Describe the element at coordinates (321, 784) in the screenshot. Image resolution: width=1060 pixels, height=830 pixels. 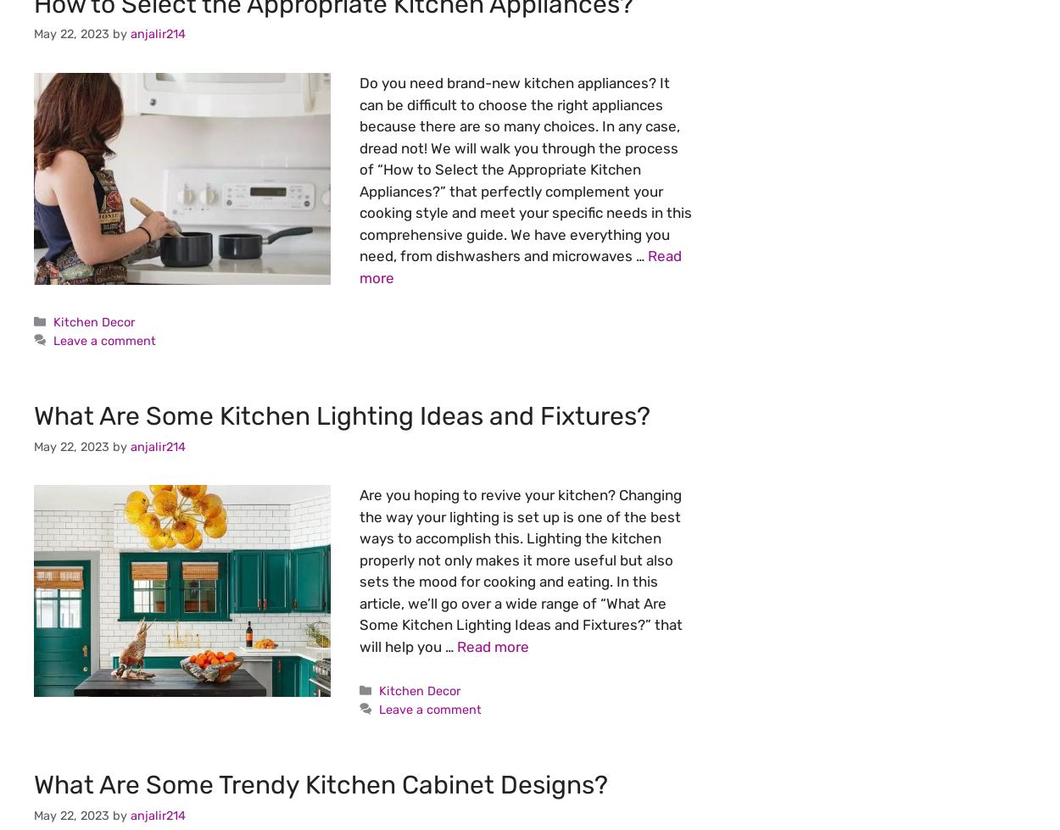
I see `'What Are Some Trendy Kitchen Cabinet Designs?'` at that location.